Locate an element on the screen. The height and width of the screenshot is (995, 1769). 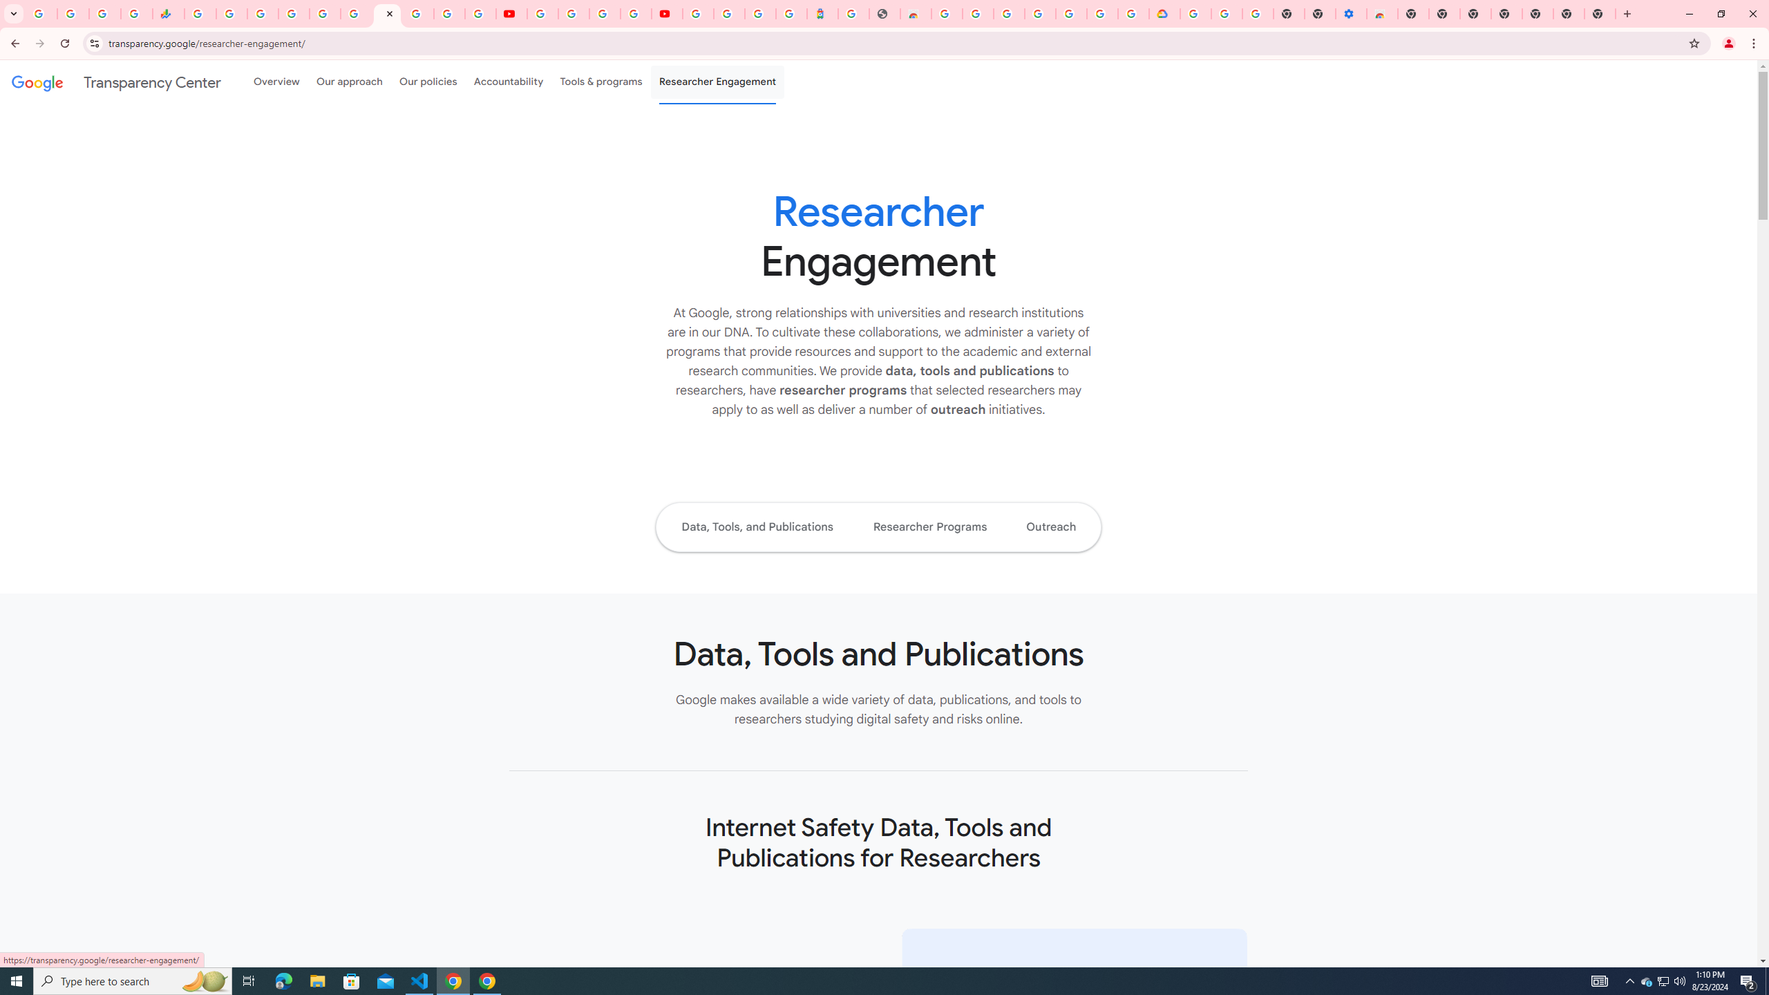
'Chrome Web Store - Household' is located at coordinates (915, 13).